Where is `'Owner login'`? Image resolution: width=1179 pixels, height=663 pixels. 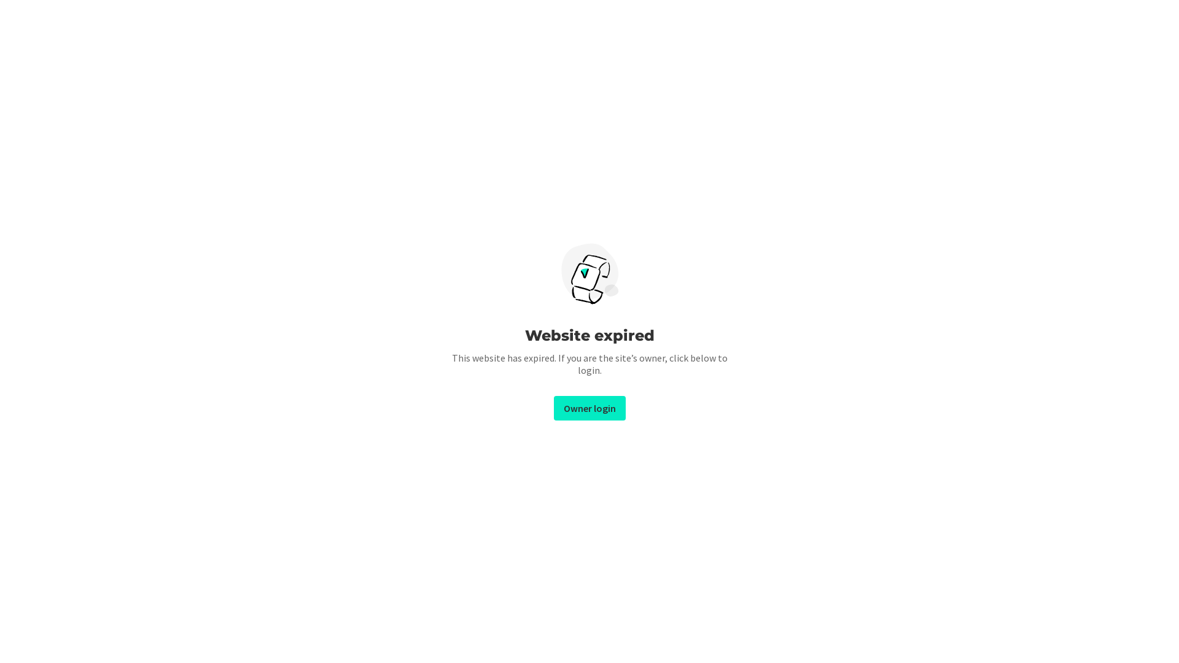
'Owner login' is located at coordinates (553, 408).